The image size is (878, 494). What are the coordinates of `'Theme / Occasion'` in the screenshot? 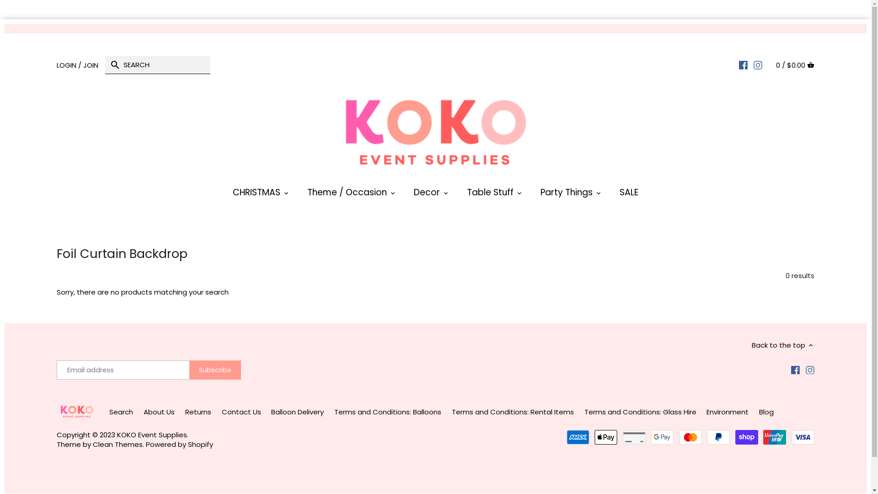 It's located at (346, 194).